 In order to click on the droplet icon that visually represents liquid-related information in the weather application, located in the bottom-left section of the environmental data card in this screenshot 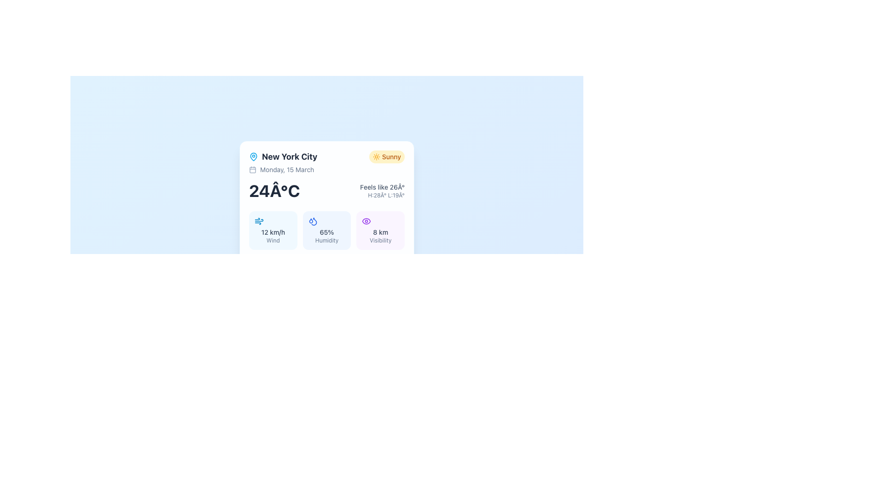, I will do `click(311, 220)`.